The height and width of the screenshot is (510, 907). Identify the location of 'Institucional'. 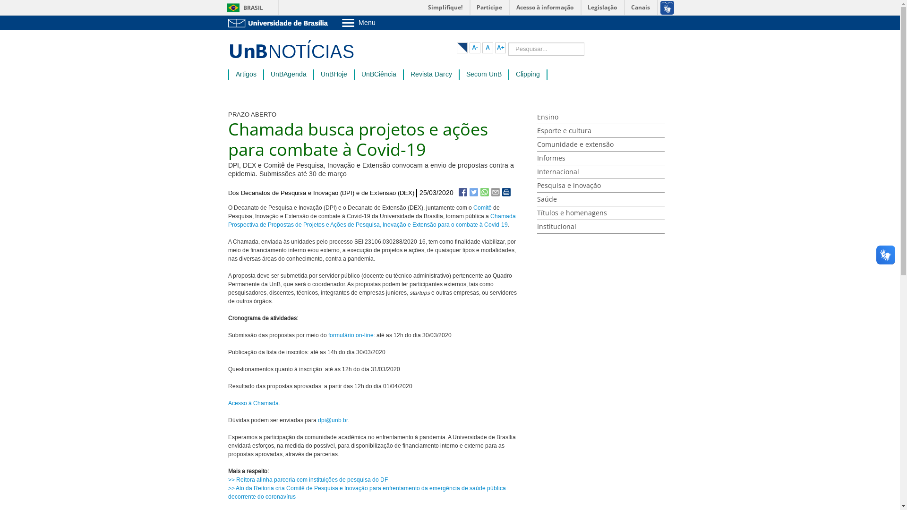
(600, 227).